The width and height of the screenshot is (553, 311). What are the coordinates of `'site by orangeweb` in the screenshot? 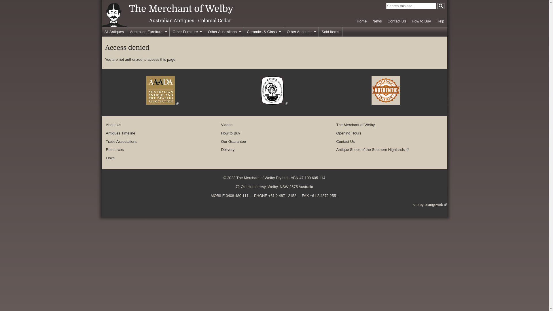 It's located at (430, 204).